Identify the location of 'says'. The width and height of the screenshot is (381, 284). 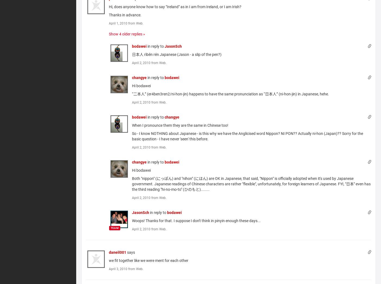
(131, 252).